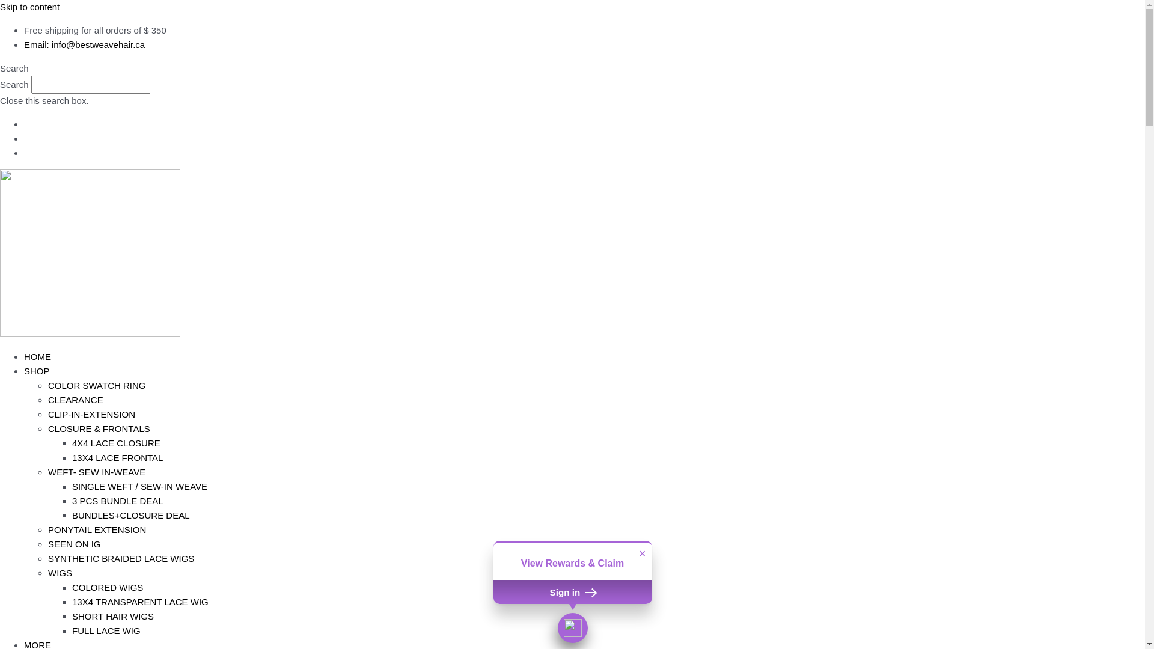 The image size is (1154, 649). Describe the element at coordinates (60, 572) in the screenshot. I see `'WIGS'` at that location.